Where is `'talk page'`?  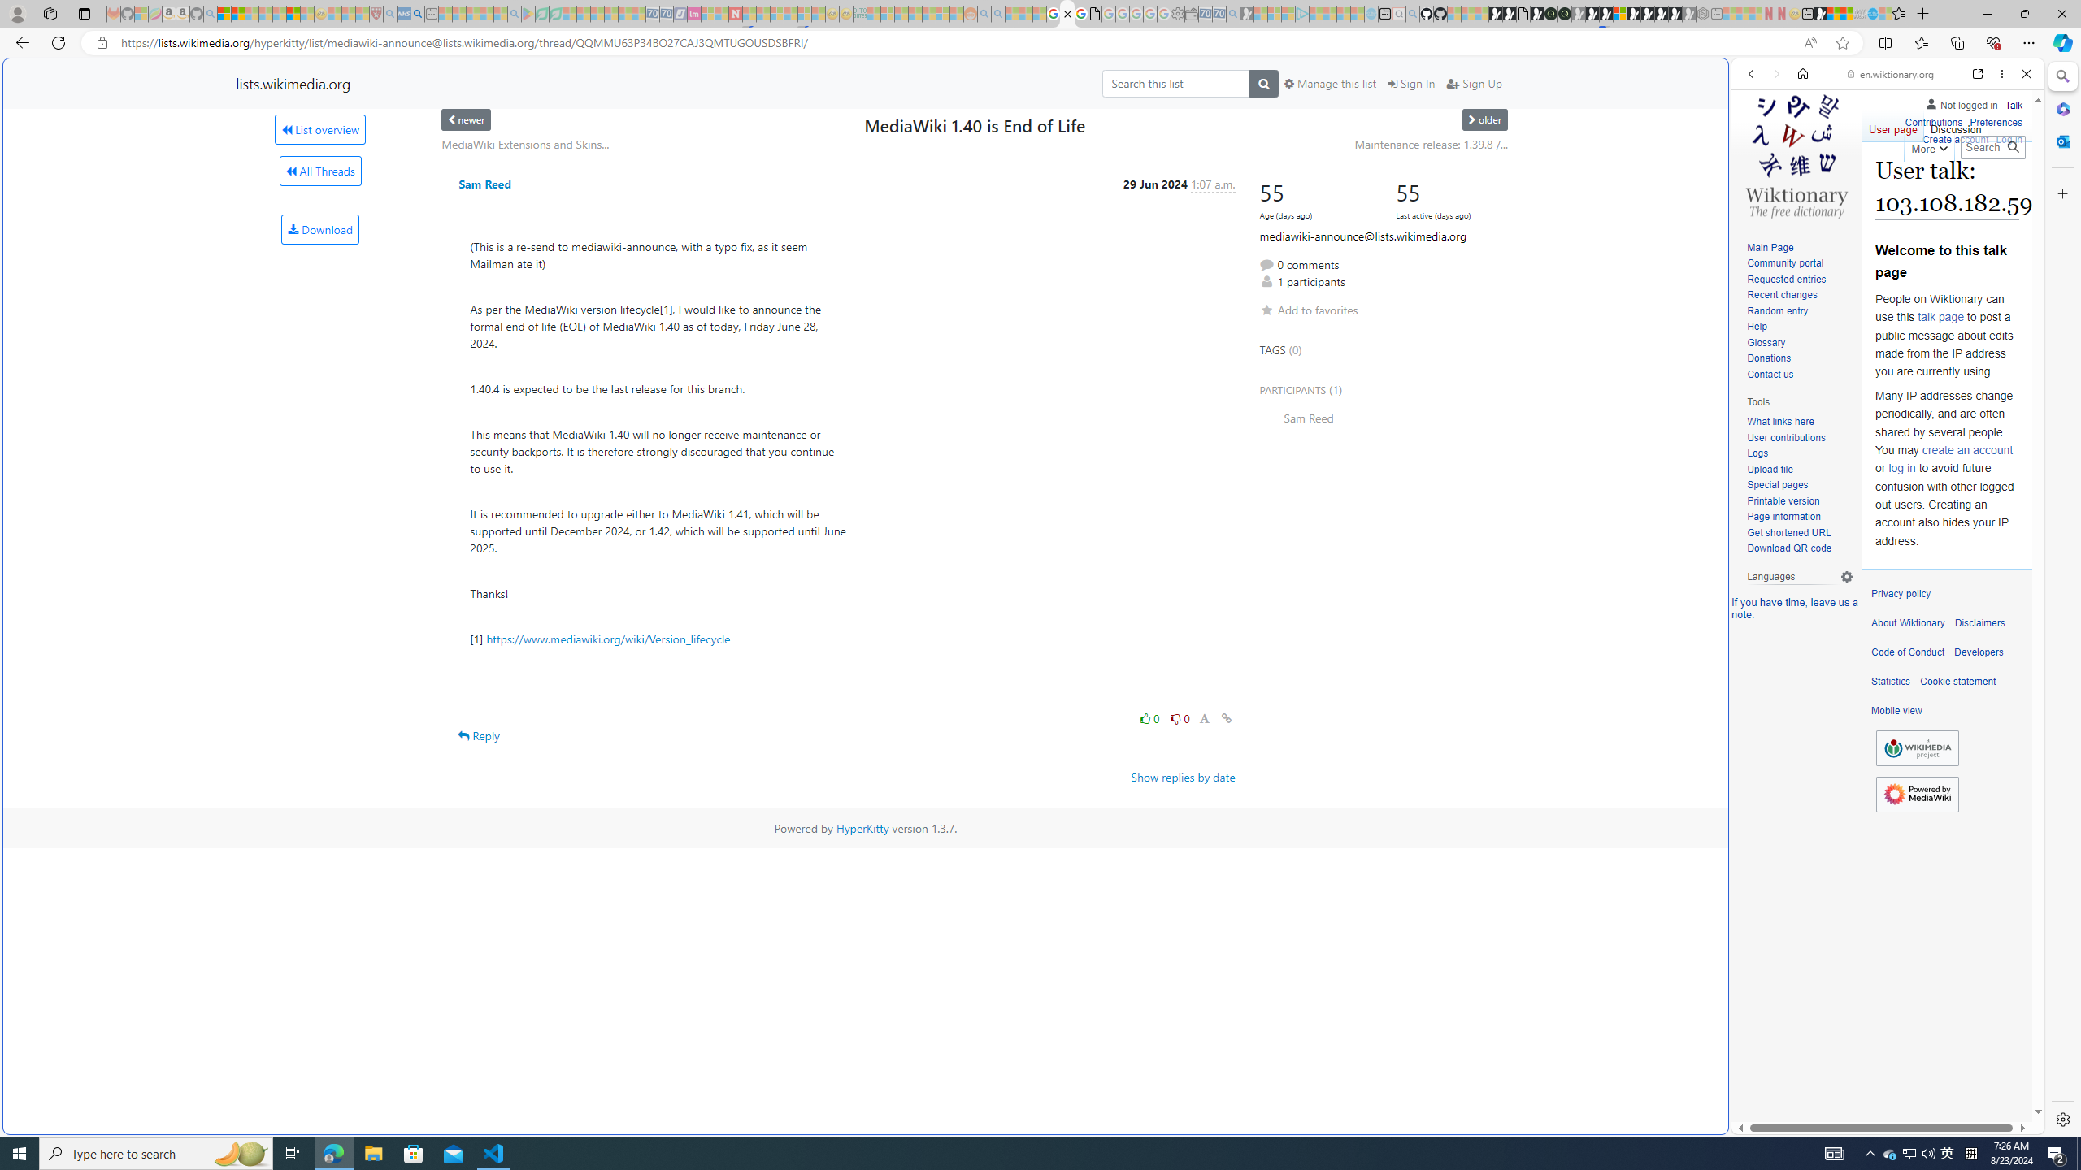
'talk page' is located at coordinates (1940, 317).